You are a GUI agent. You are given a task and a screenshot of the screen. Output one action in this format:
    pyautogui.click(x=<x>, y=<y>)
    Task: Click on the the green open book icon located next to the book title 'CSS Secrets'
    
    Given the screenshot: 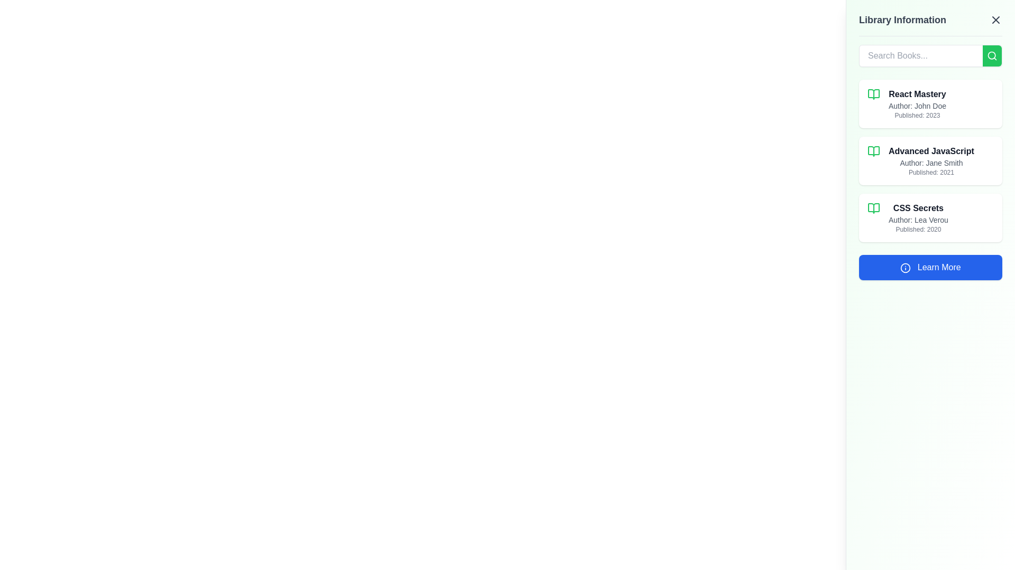 What is the action you would take?
    pyautogui.click(x=873, y=208)
    